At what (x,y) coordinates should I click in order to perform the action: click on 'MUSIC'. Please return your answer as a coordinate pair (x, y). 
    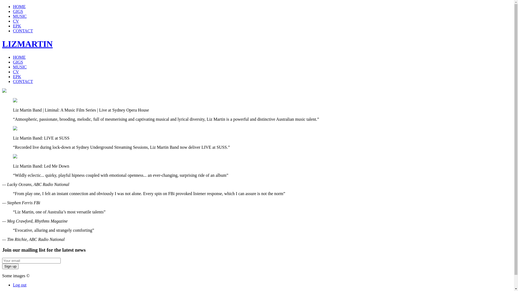
    Looking at the image, I should click on (20, 16).